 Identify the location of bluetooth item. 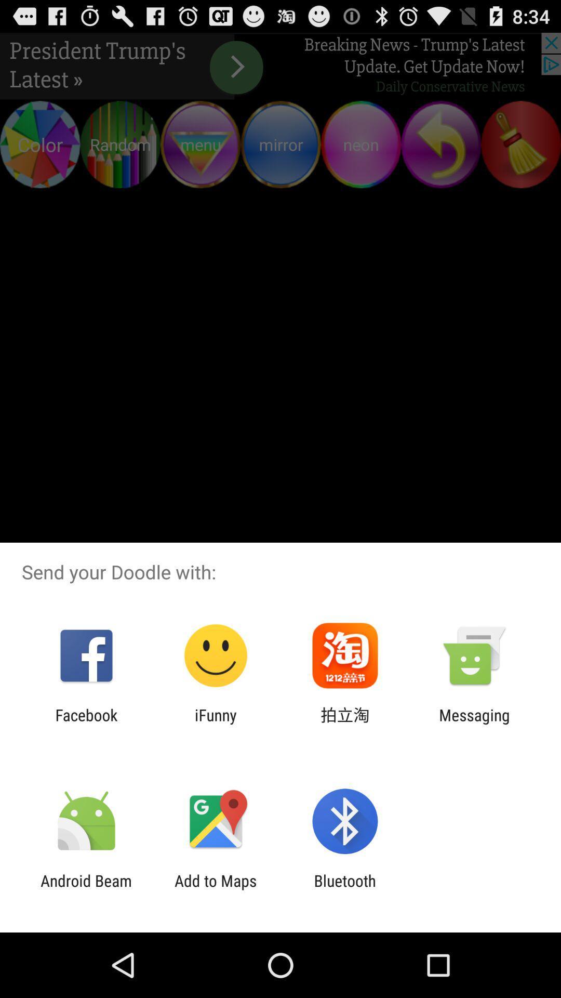
(345, 889).